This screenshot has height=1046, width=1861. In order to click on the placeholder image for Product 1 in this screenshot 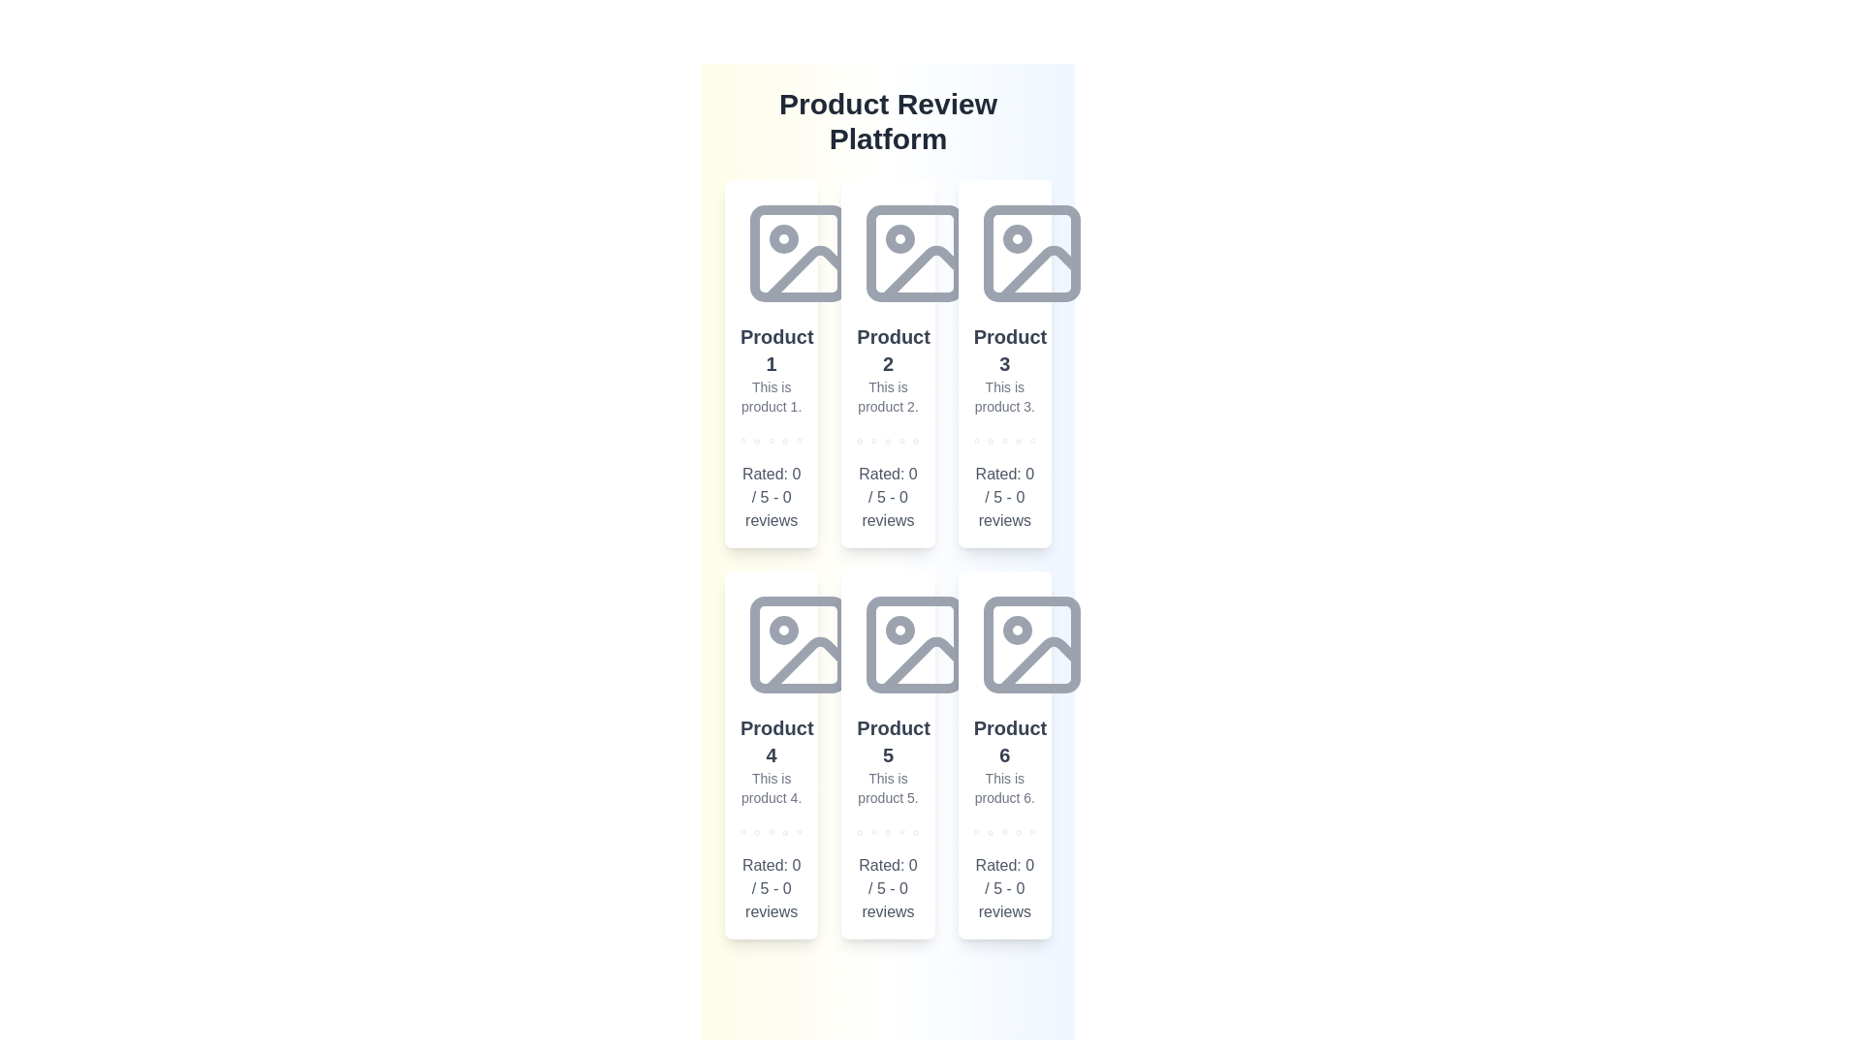, I will do `click(799, 253)`.